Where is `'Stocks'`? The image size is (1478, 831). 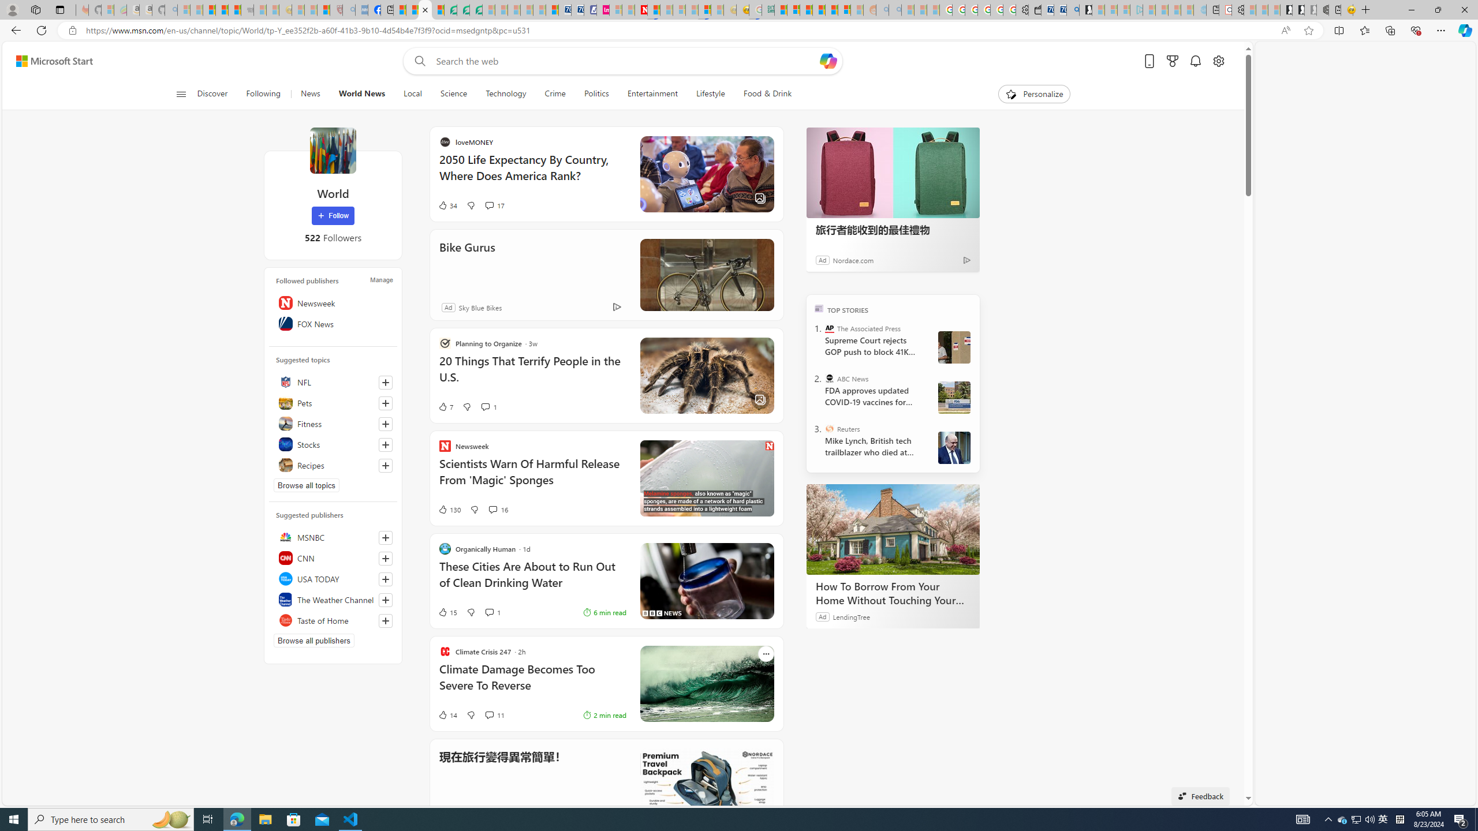
'Stocks' is located at coordinates (332, 444).